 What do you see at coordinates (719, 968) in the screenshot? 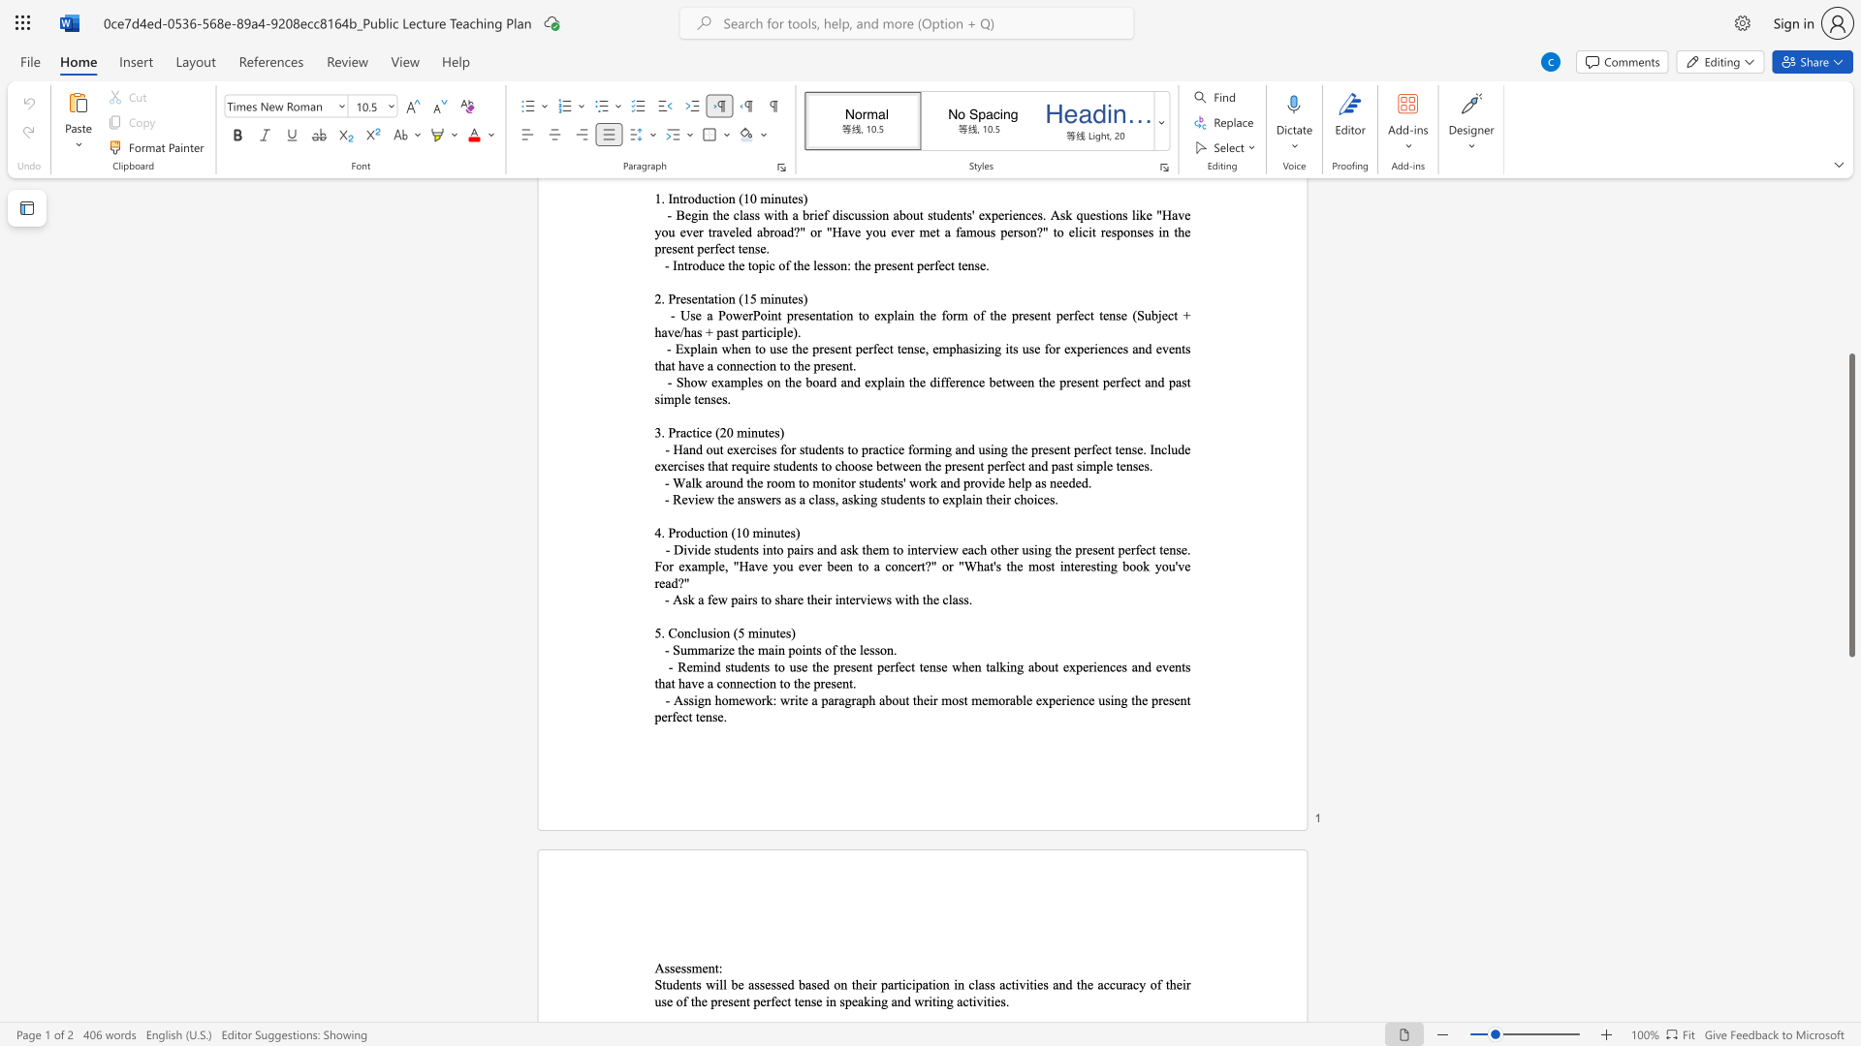
I see `the 1th character ":" in the text` at bounding box center [719, 968].